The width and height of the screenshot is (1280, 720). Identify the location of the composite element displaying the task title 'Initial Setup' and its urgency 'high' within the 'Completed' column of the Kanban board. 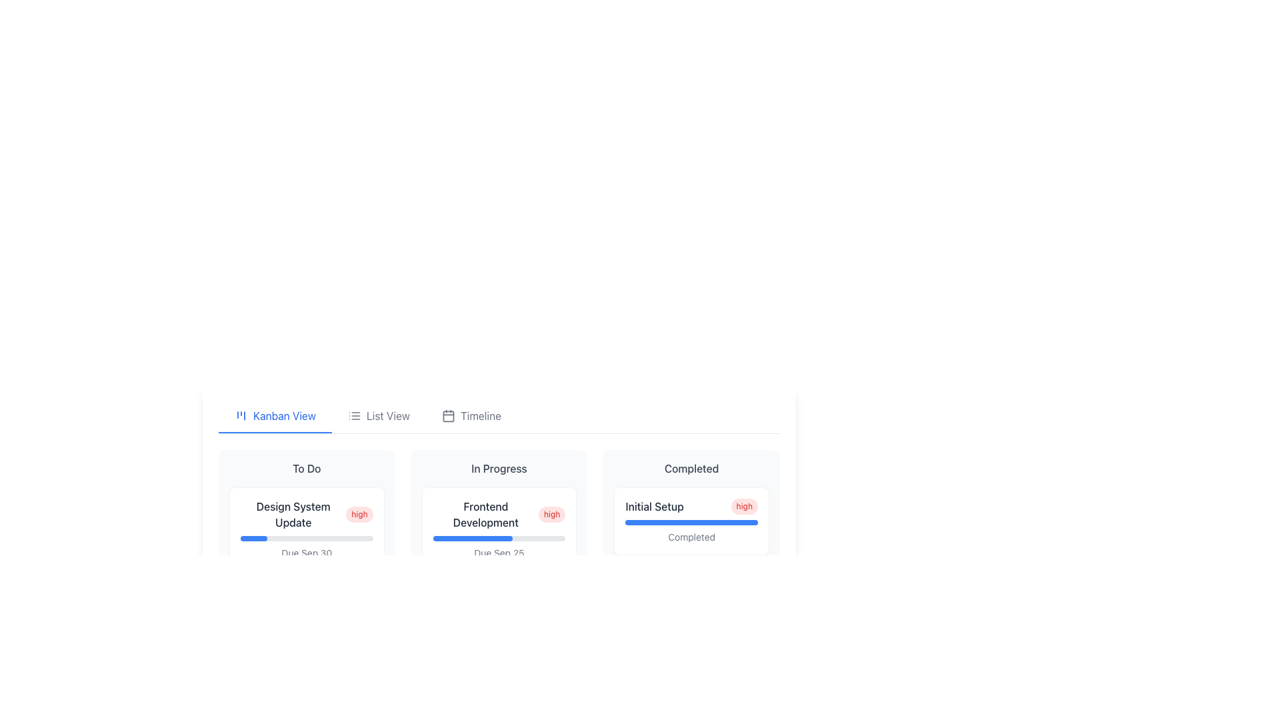
(691, 506).